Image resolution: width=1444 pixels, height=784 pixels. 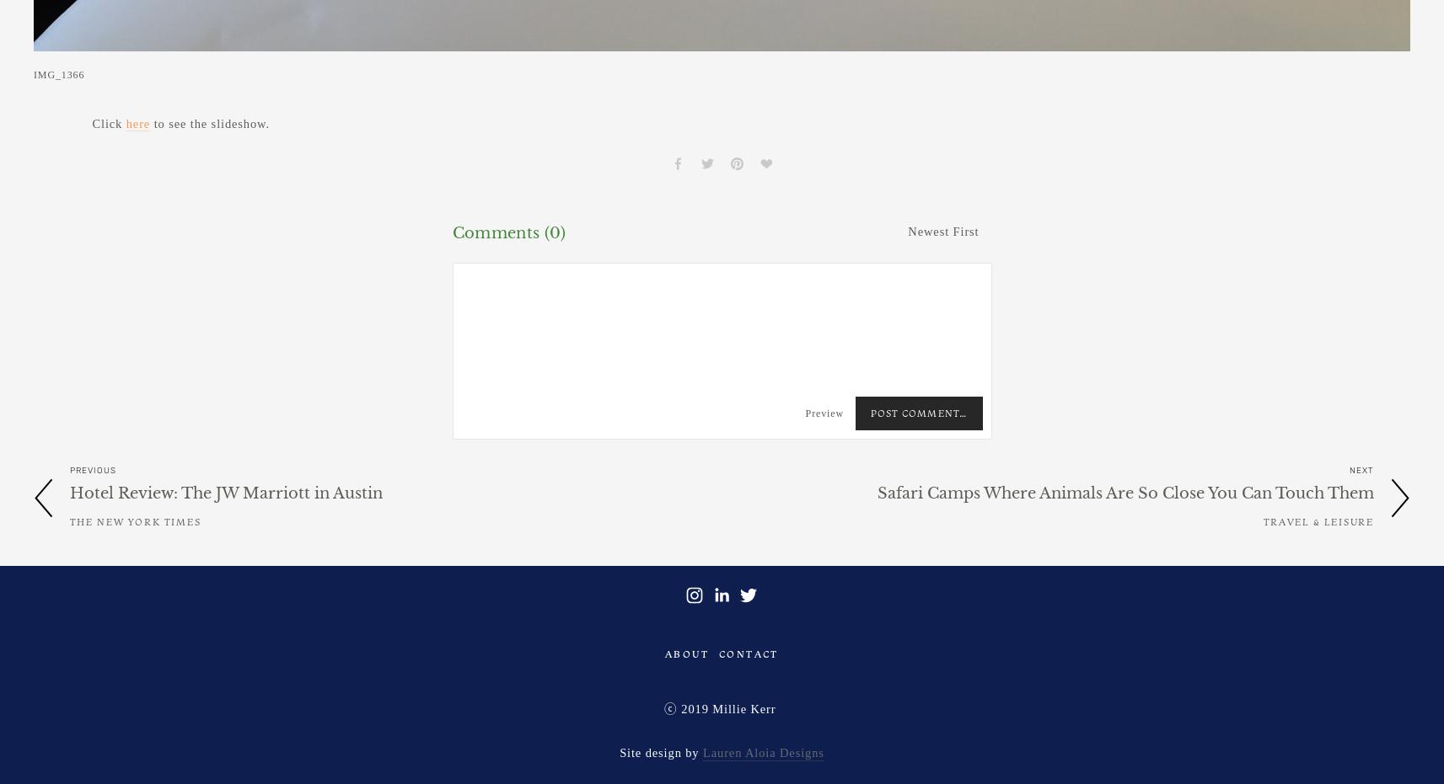 I want to click on 'Post Comment…', so click(x=869, y=413).